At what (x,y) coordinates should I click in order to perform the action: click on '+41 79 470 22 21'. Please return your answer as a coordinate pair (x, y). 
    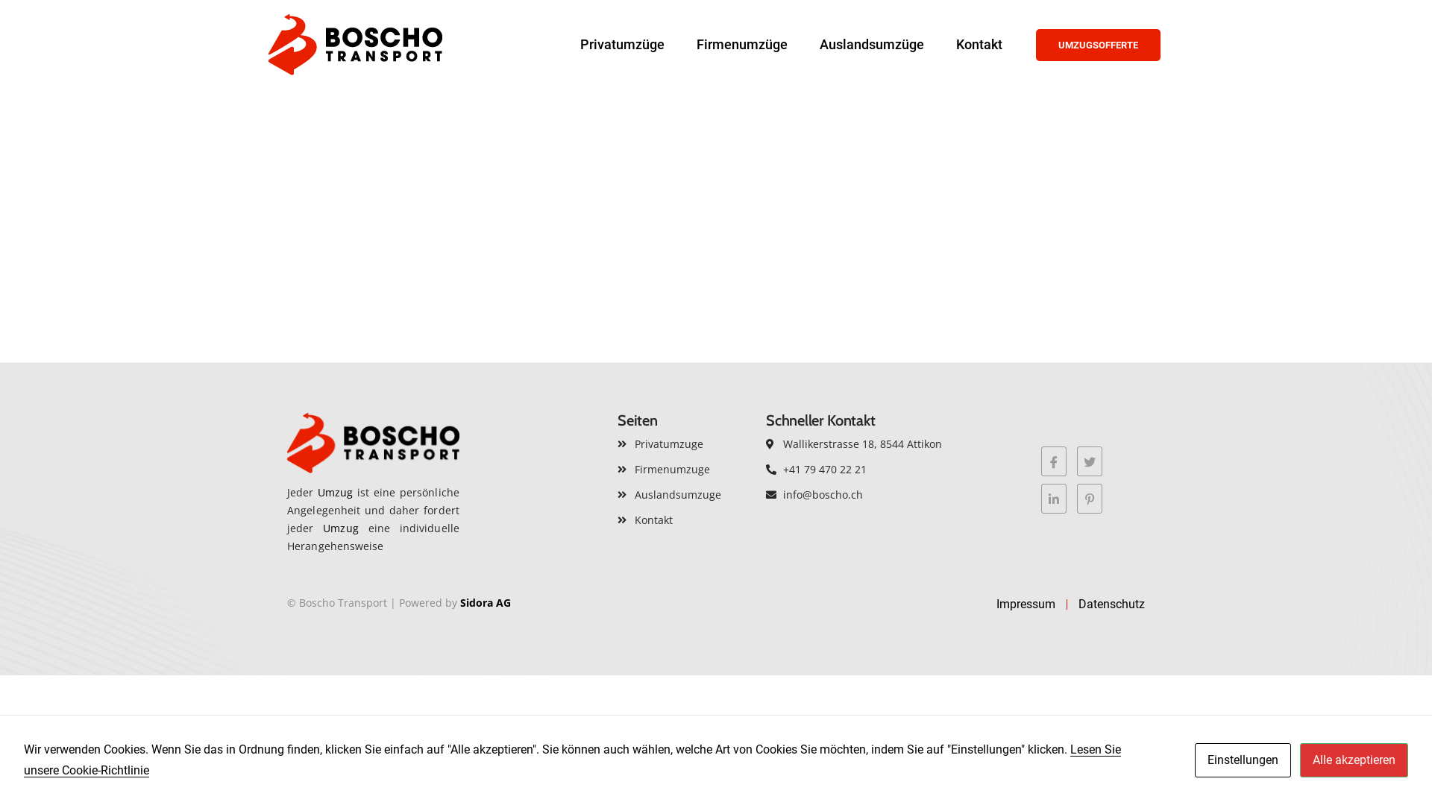
    Looking at the image, I should click on (866, 468).